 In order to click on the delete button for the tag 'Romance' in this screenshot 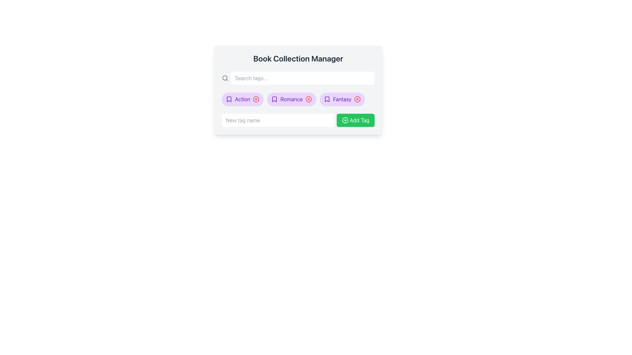, I will do `click(308, 99)`.